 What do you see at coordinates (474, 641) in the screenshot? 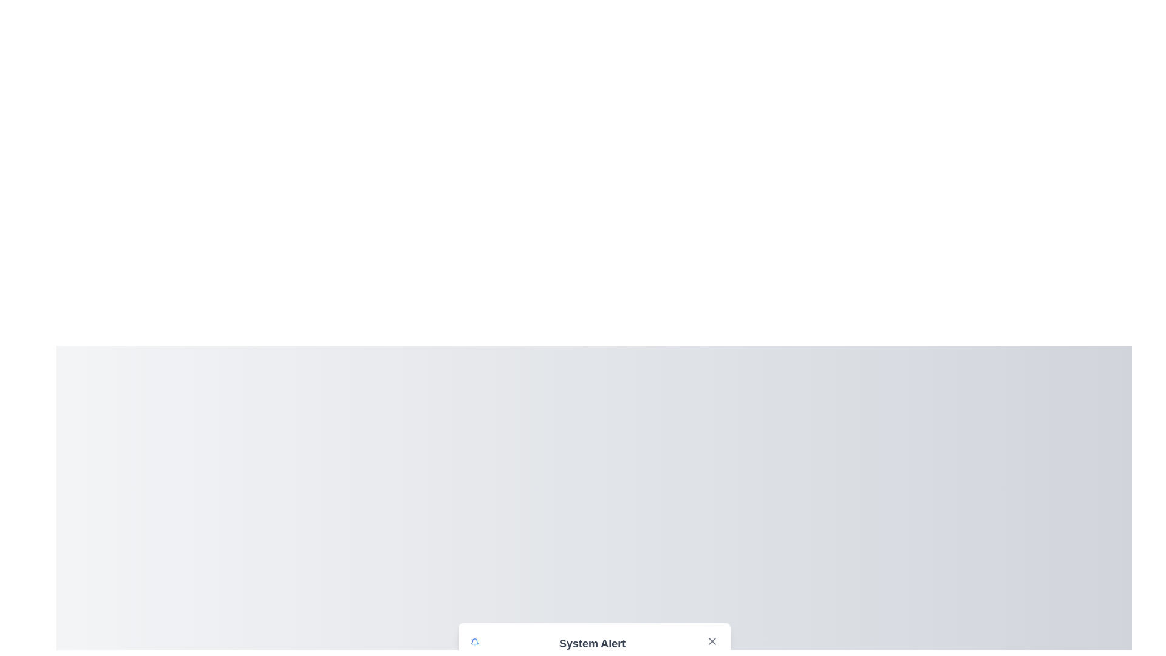
I see `the bell icon located in the notification panel, which serves as a symbolic indicator for notifications or alerts` at bounding box center [474, 641].